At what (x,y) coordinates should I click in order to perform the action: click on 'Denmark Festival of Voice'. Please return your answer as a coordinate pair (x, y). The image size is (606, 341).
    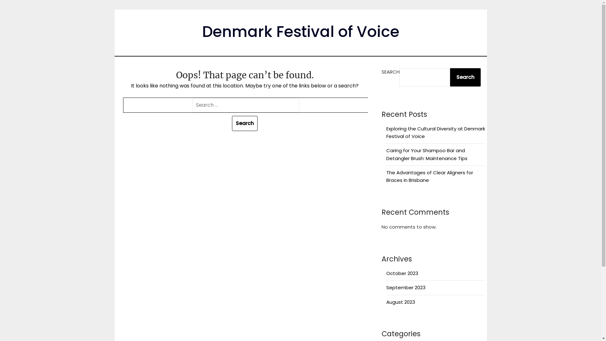
    Looking at the image, I should click on (300, 32).